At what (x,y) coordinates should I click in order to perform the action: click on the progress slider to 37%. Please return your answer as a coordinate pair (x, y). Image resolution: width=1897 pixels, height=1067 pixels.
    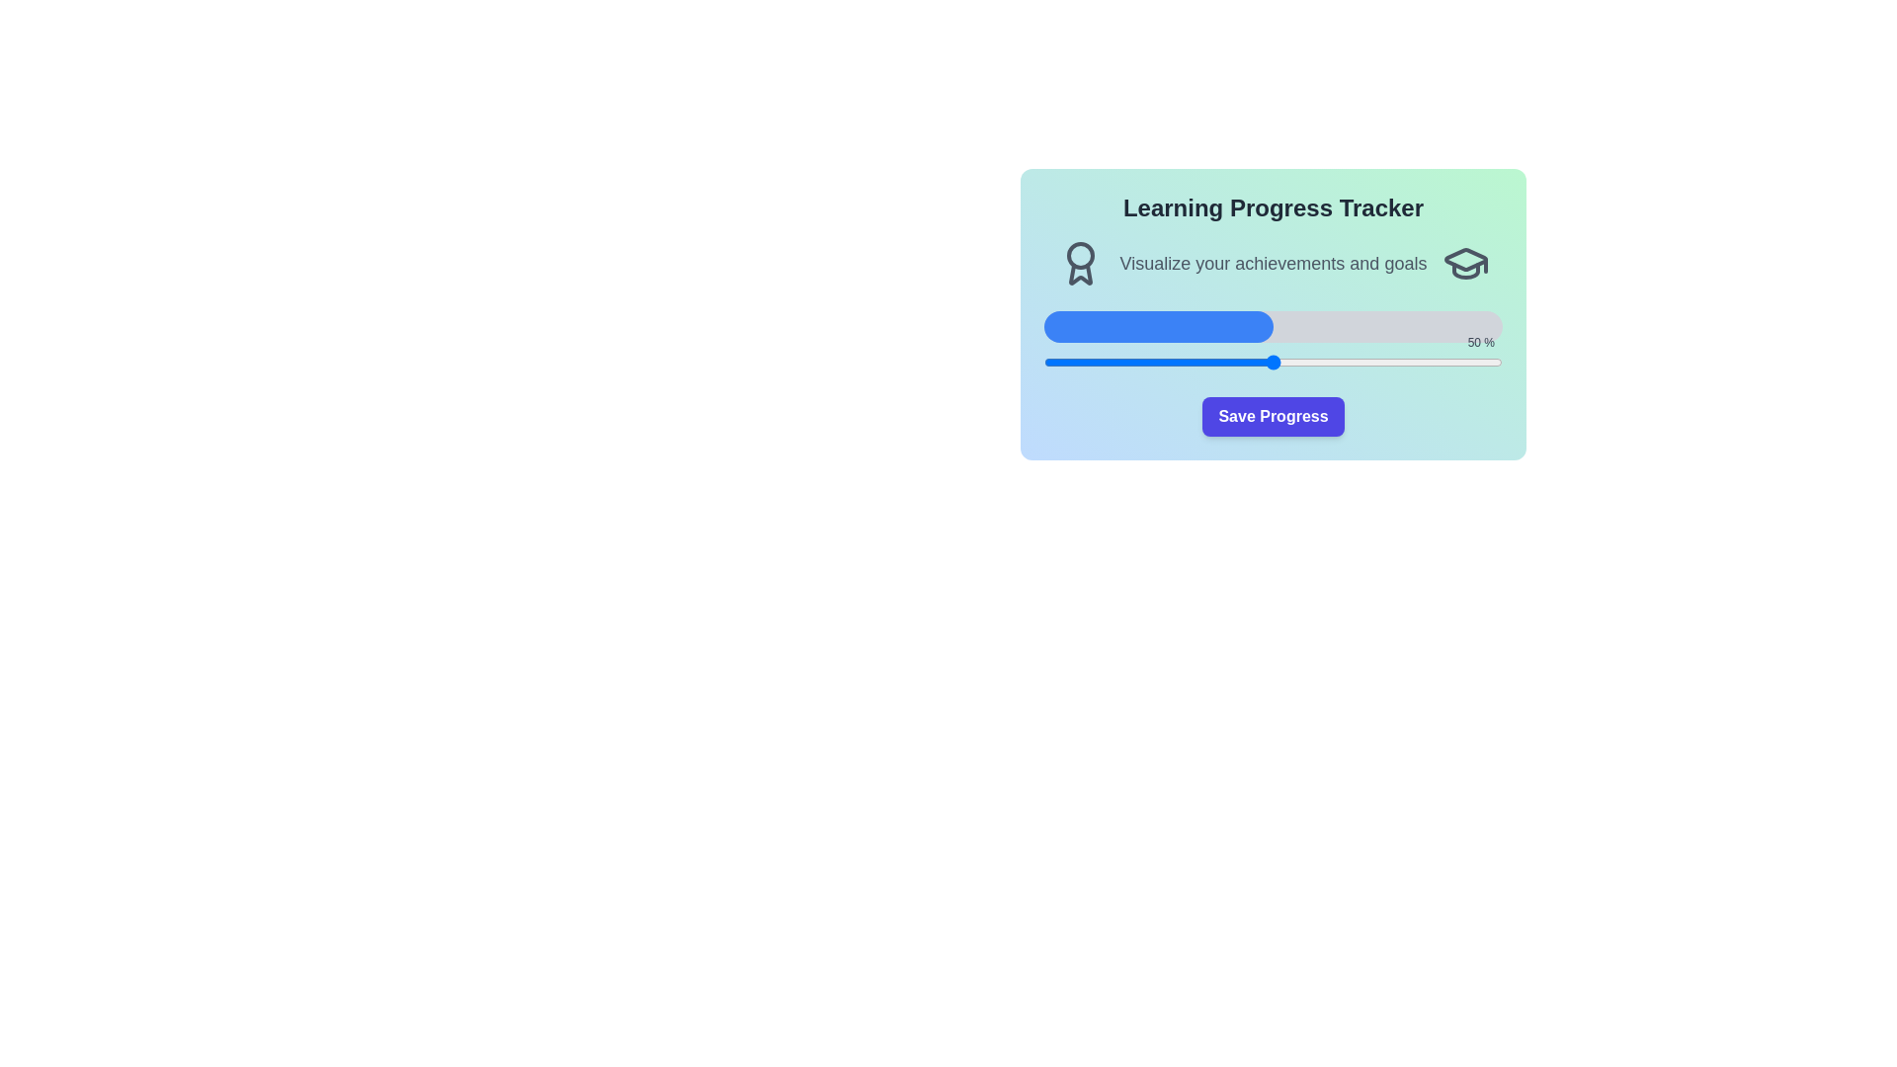
    Looking at the image, I should click on (1212, 362).